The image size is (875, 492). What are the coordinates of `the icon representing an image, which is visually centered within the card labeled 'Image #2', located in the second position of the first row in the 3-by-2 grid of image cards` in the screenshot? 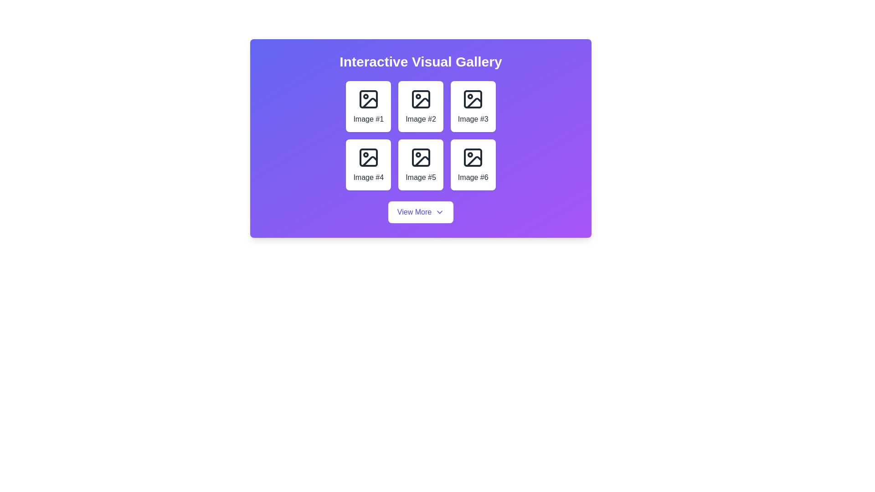 It's located at (420, 99).